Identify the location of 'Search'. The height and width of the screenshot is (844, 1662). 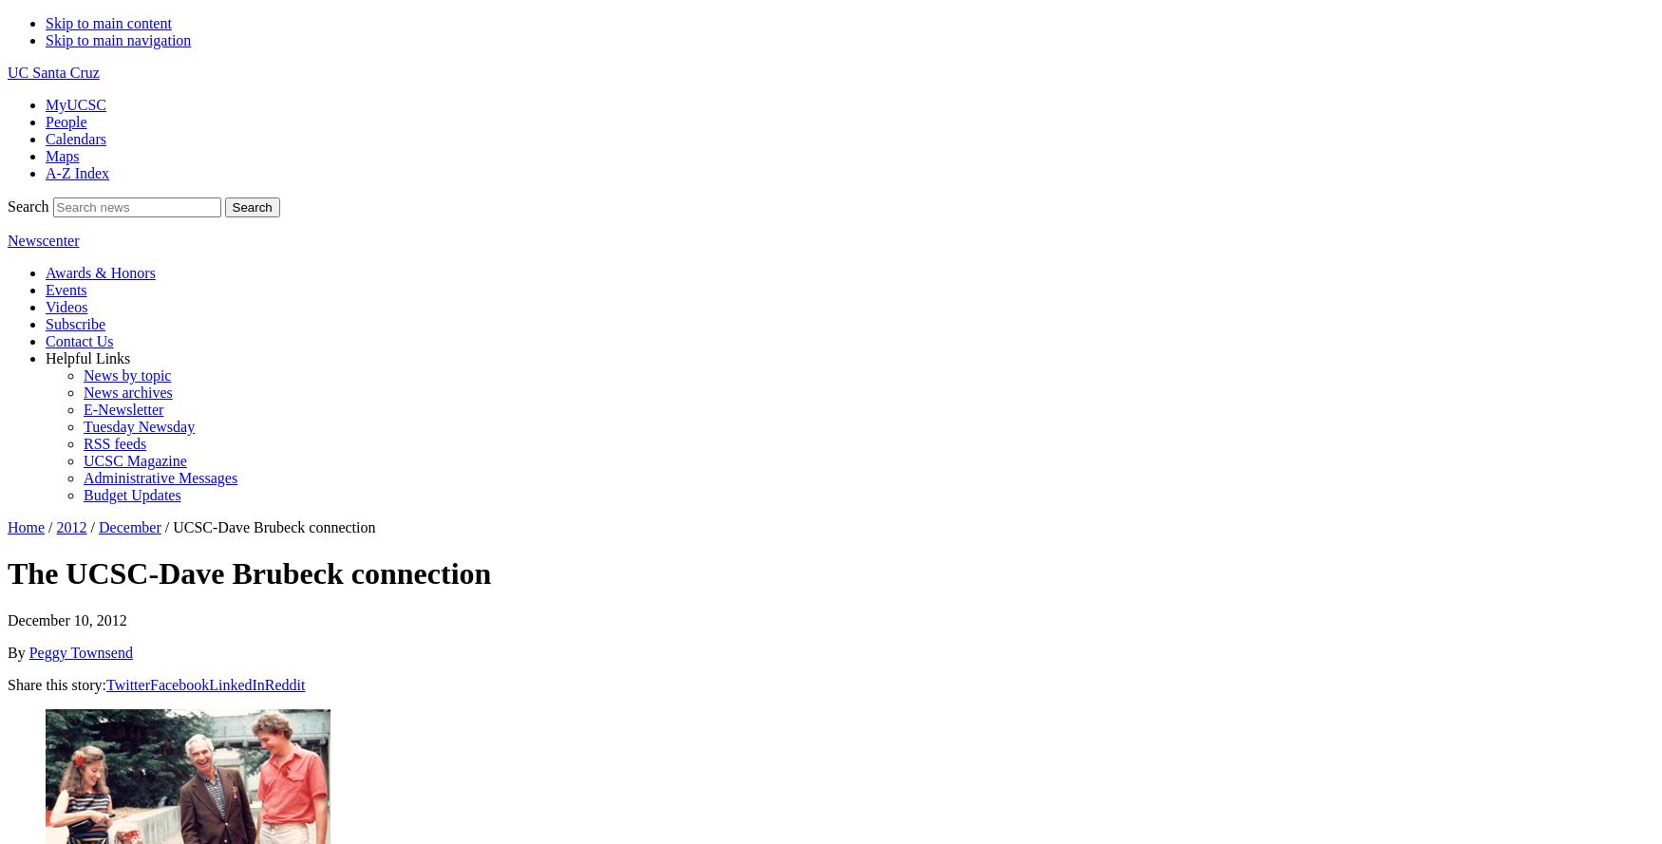
(27, 205).